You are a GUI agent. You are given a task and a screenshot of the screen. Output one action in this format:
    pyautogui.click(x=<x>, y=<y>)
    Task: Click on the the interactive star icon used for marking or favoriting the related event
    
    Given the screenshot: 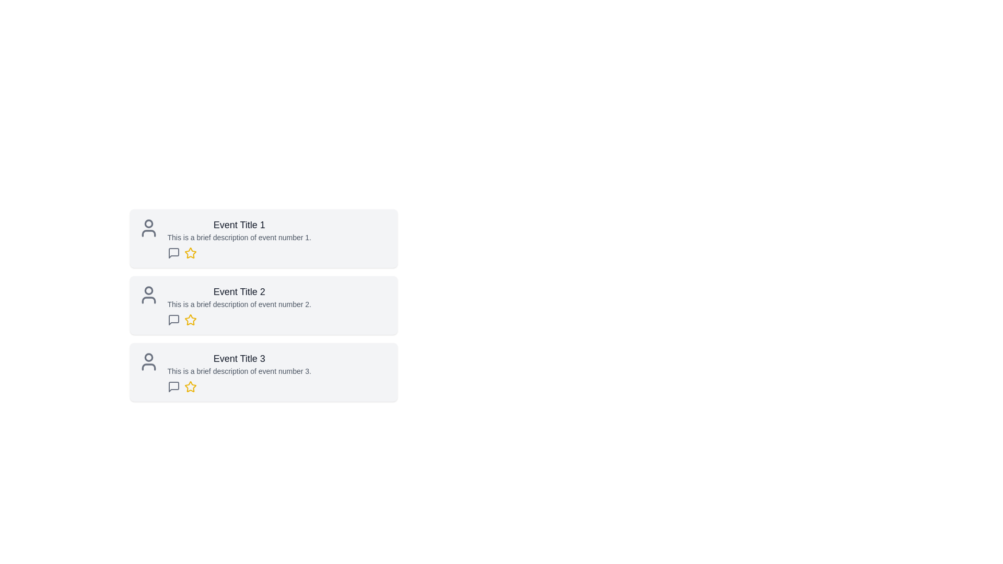 What is the action you would take?
    pyautogui.click(x=190, y=320)
    